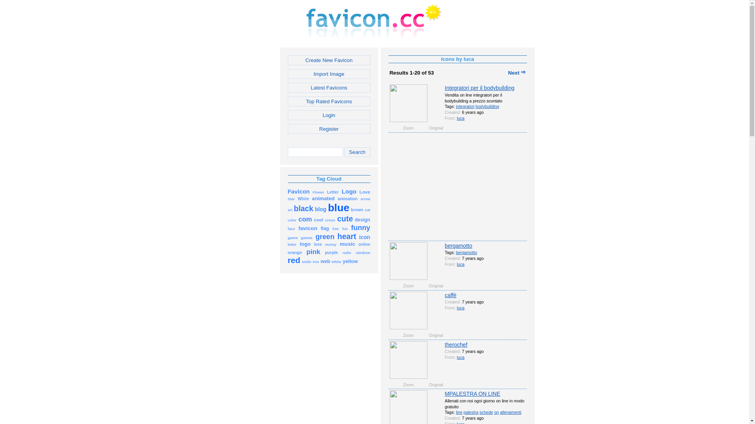 The width and height of the screenshot is (755, 424). What do you see at coordinates (364, 237) in the screenshot?
I see `'icon'` at bounding box center [364, 237].